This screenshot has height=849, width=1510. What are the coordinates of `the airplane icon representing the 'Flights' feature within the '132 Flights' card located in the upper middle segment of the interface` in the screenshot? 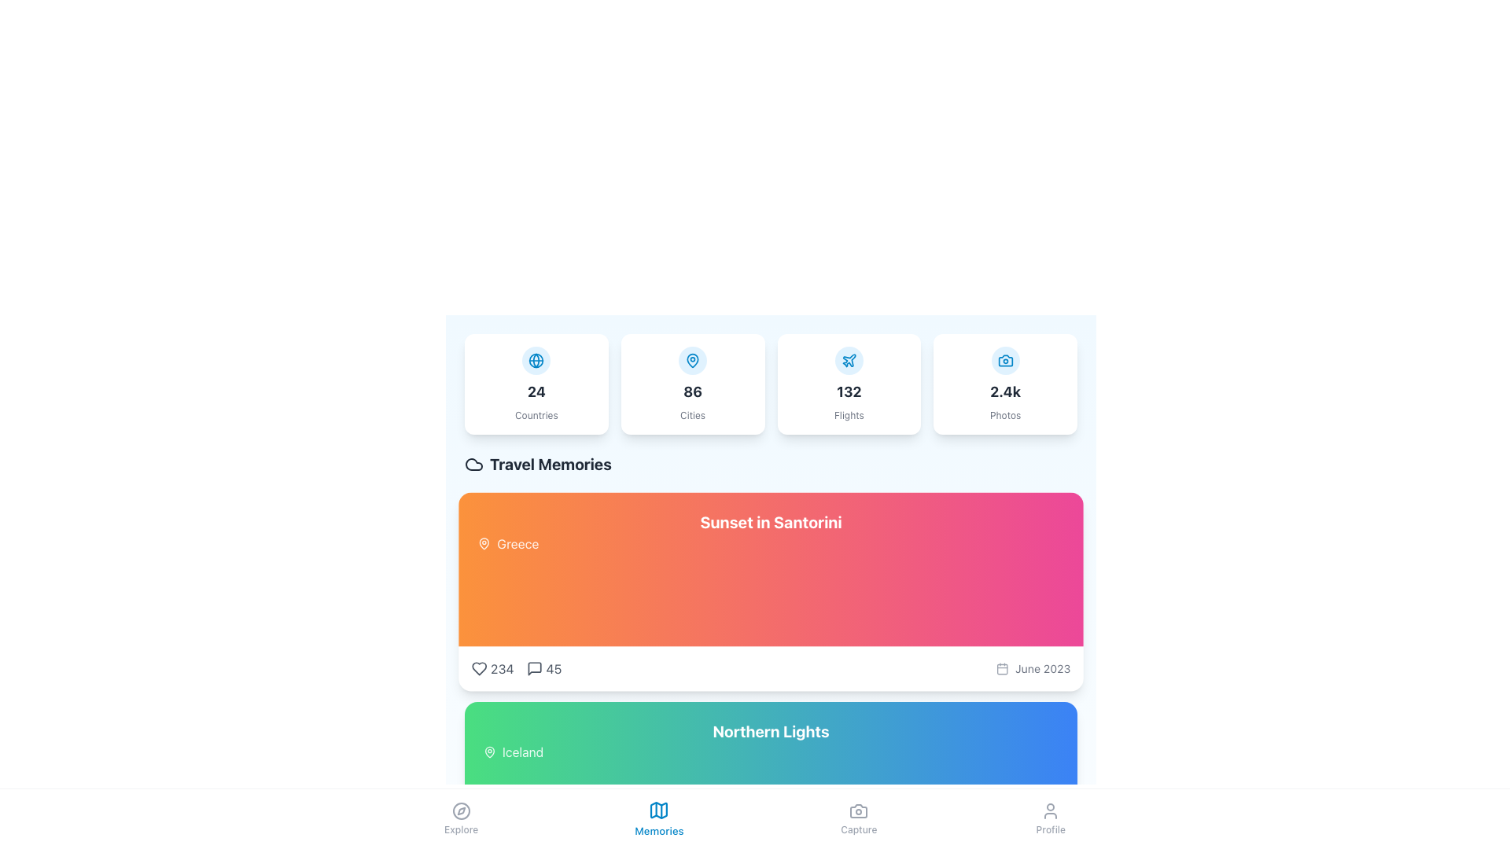 It's located at (849, 360).